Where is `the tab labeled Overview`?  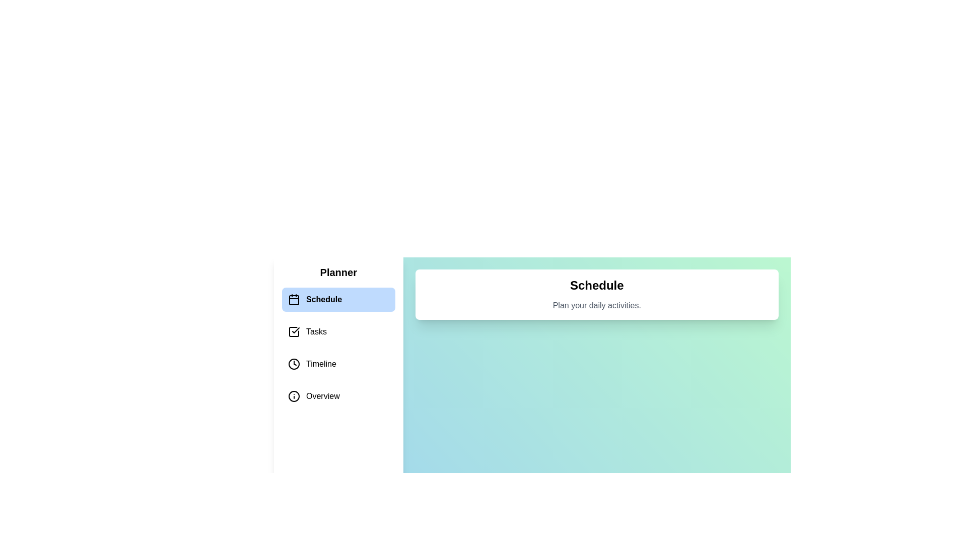
the tab labeled Overview is located at coordinates (338, 395).